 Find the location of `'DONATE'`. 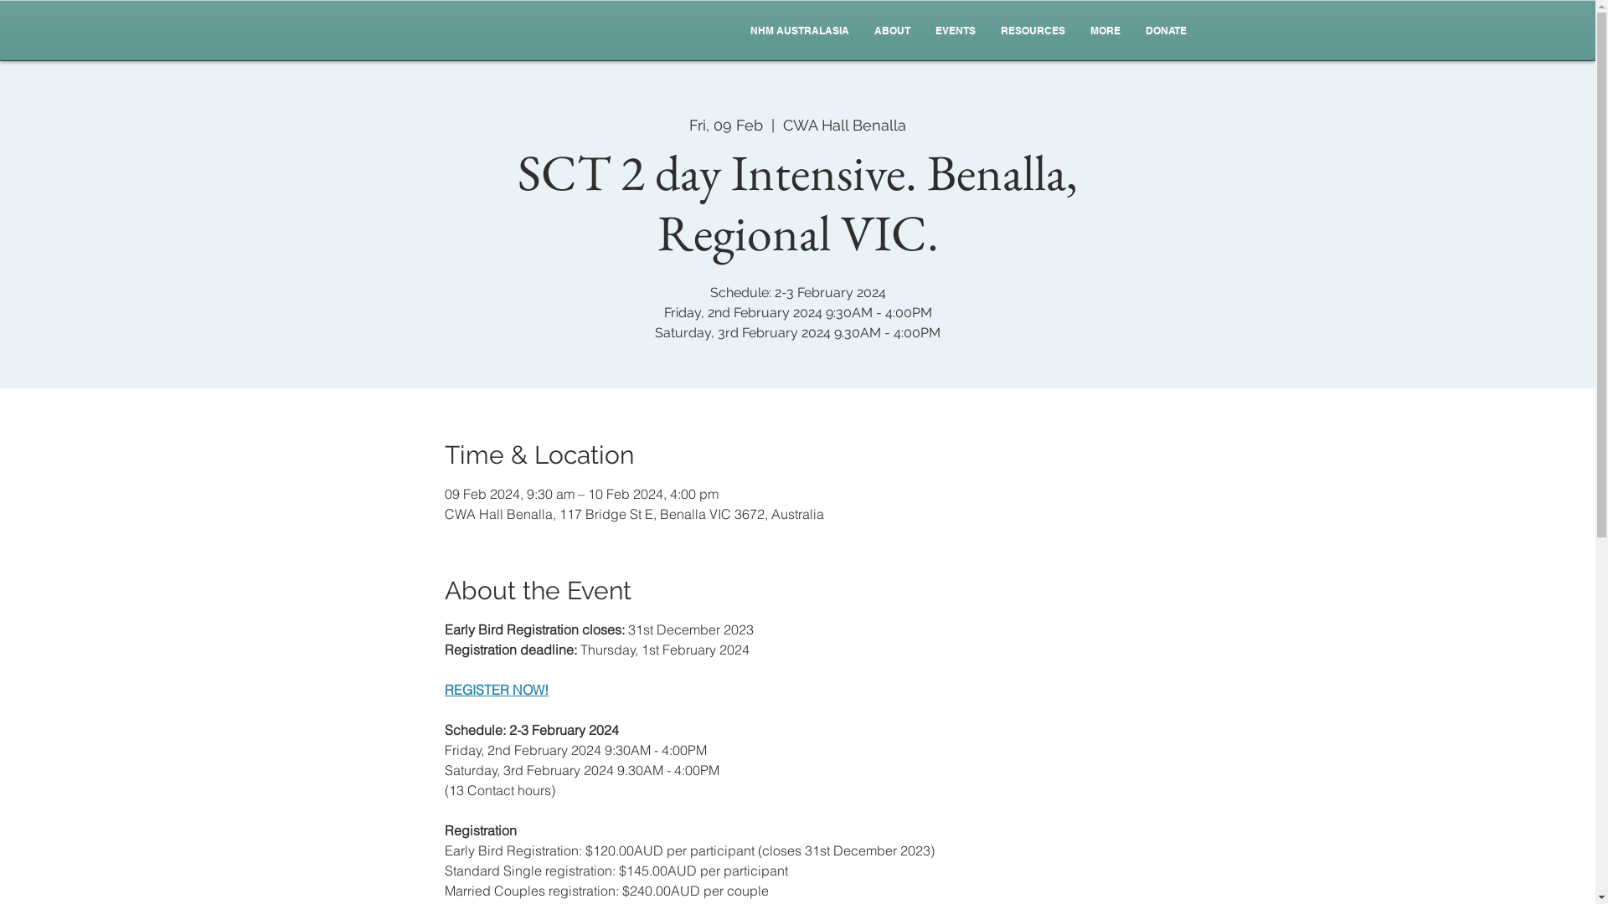

'DONATE' is located at coordinates (1164, 31).